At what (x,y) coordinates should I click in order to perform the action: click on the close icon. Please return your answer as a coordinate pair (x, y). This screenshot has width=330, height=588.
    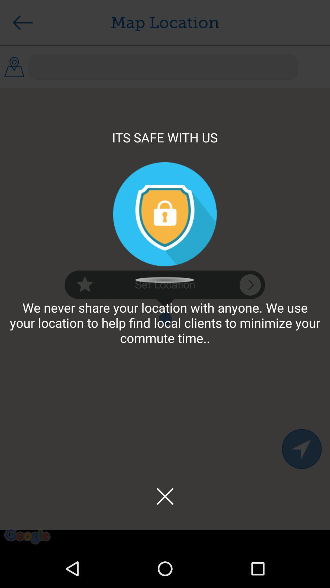
    Looking at the image, I should click on (165, 531).